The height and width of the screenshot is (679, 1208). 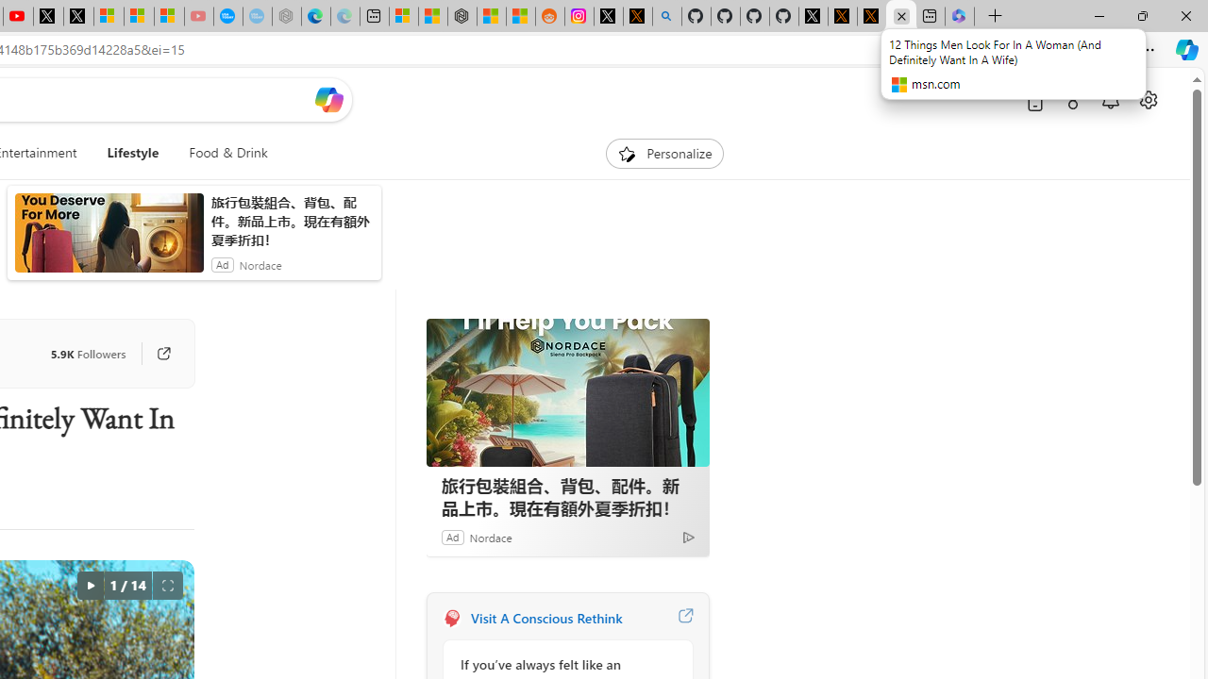 I want to click on 'github - Search', so click(x=667, y=16).